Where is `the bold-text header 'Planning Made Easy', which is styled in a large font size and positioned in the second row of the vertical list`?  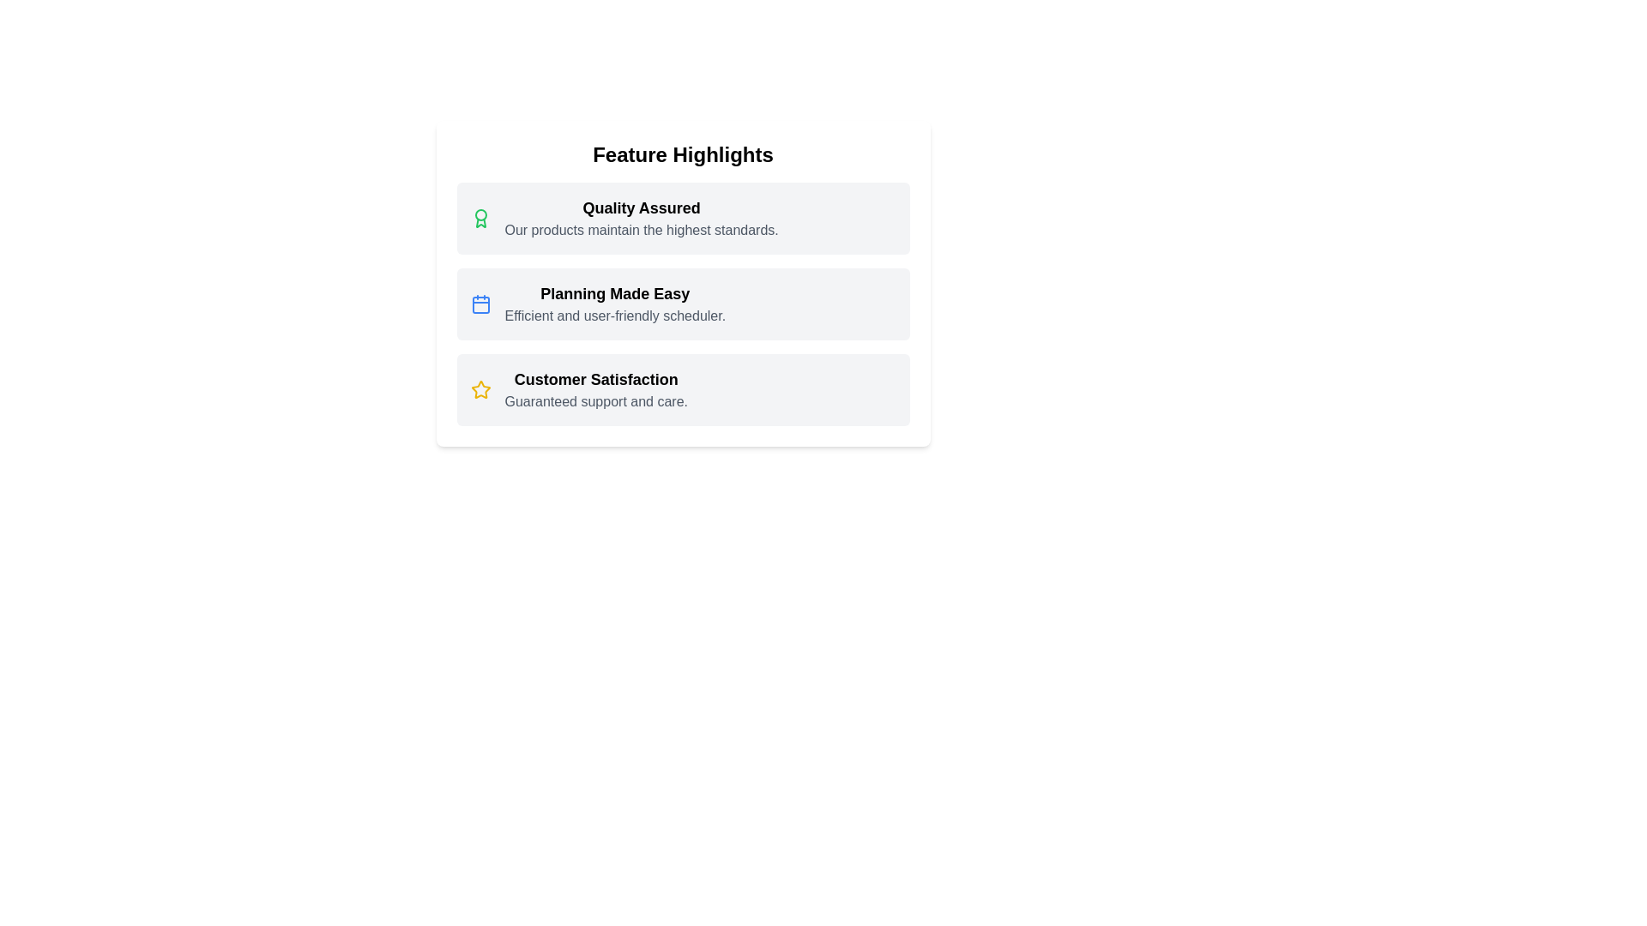 the bold-text header 'Planning Made Easy', which is styled in a large font size and positioned in the second row of the vertical list is located at coordinates (615, 293).